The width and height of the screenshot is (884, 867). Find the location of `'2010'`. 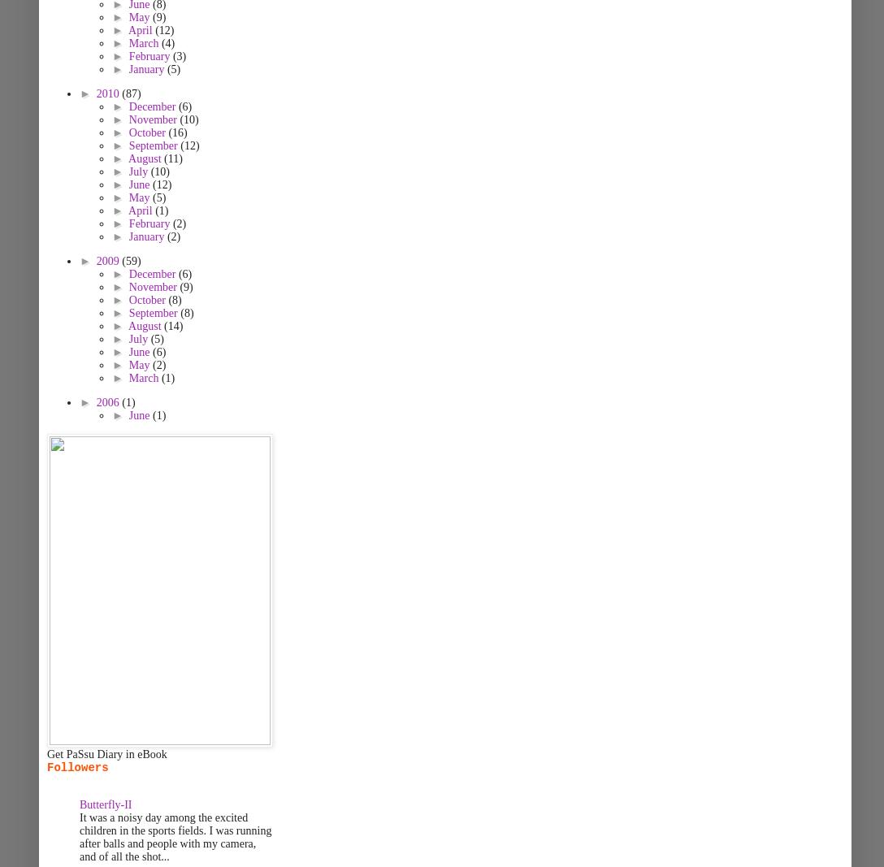

'2010' is located at coordinates (96, 93).